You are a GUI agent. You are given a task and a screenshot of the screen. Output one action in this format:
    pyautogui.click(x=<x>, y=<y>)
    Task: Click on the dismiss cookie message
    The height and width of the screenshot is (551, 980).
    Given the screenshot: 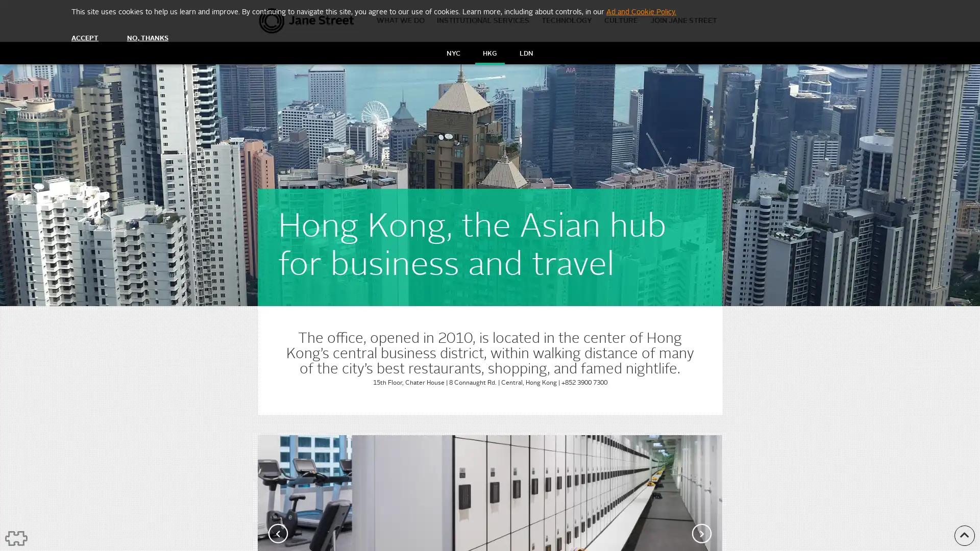 What is the action you would take?
    pyautogui.click(x=85, y=38)
    